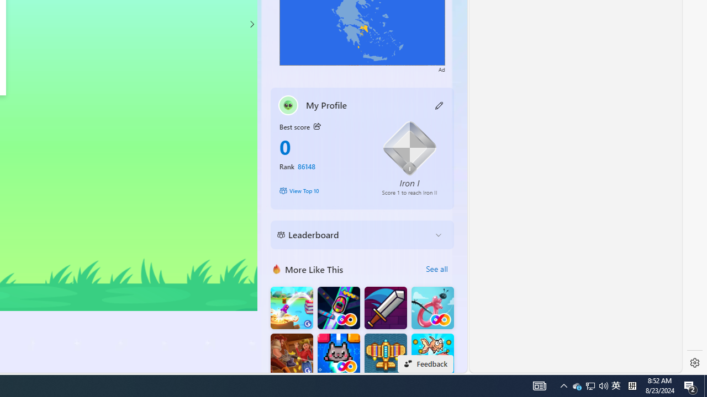 The image size is (707, 397). What do you see at coordinates (338, 308) in the screenshot?
I see `'Bumper Car FRVR'` at bounding box center [338, 308].